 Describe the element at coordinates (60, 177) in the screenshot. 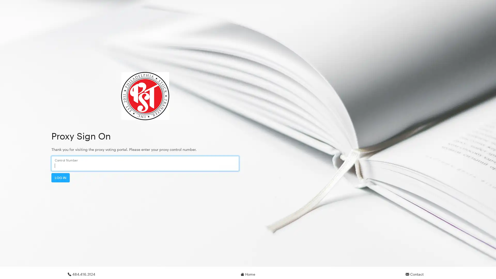

I see `Log In` at that location.